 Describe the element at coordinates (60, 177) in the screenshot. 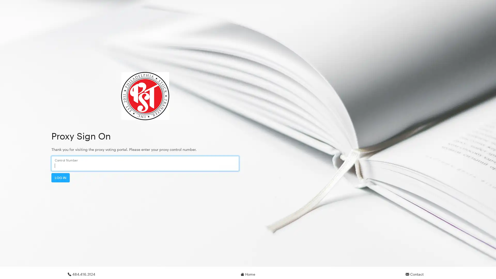

I see `Log In` at that location.